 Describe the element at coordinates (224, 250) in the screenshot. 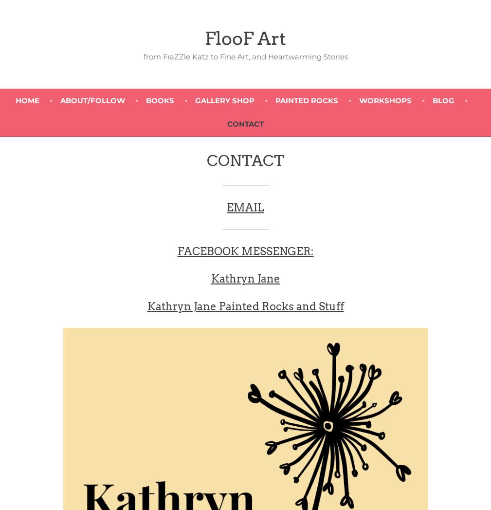

I see `'FACEBOOK MESS'` at that location.